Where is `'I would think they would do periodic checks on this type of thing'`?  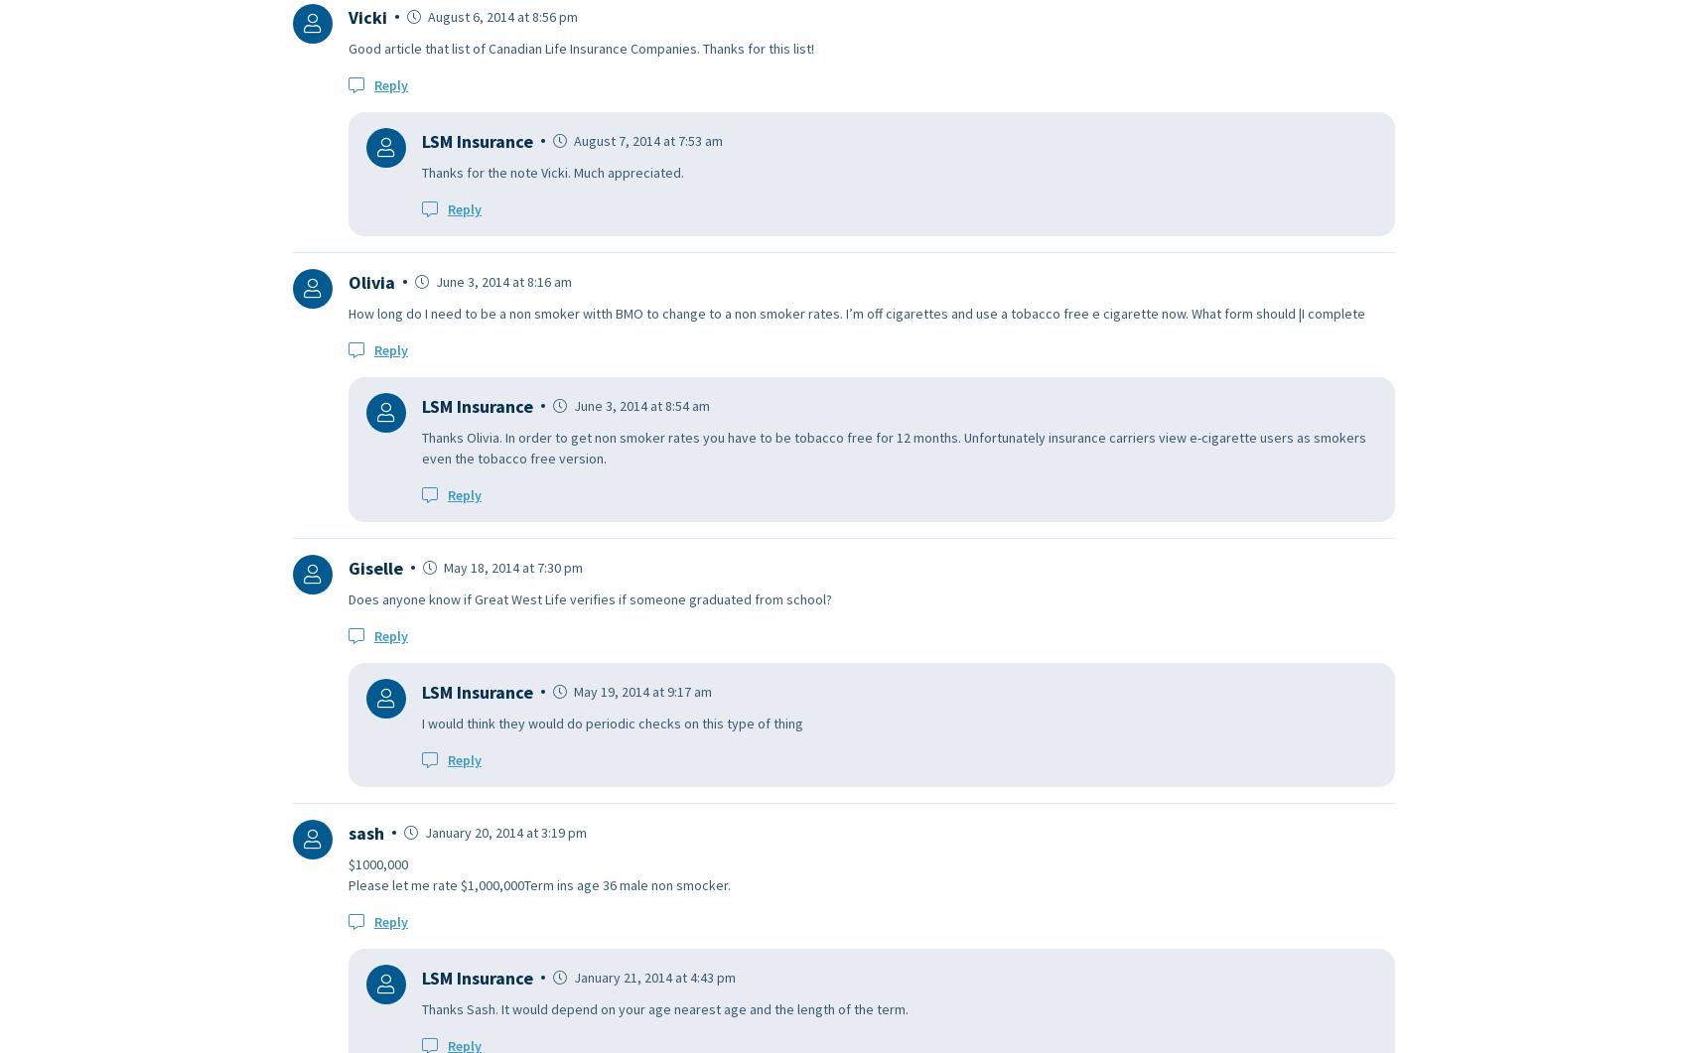
'I would think they would do periodic checks on this type of thing' is located at coordinates (611, 722).